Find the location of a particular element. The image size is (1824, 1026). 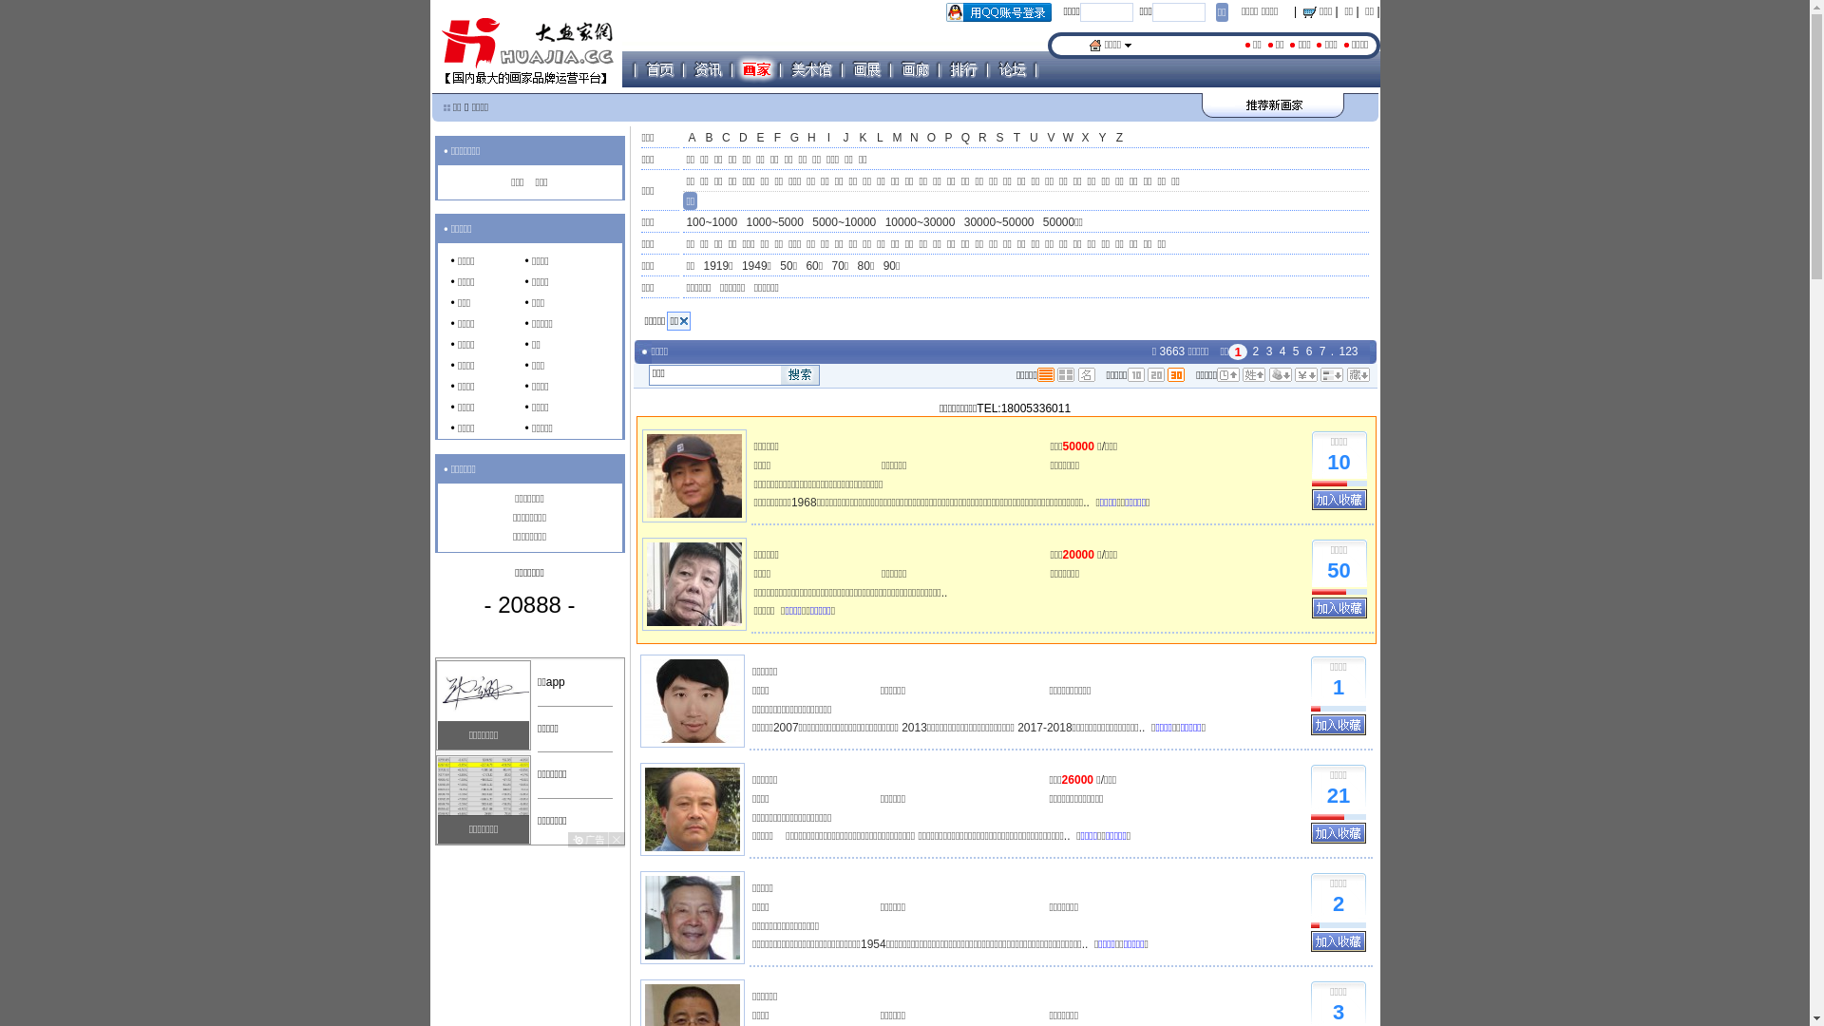

'Q' is located at coordinates (965, 138).